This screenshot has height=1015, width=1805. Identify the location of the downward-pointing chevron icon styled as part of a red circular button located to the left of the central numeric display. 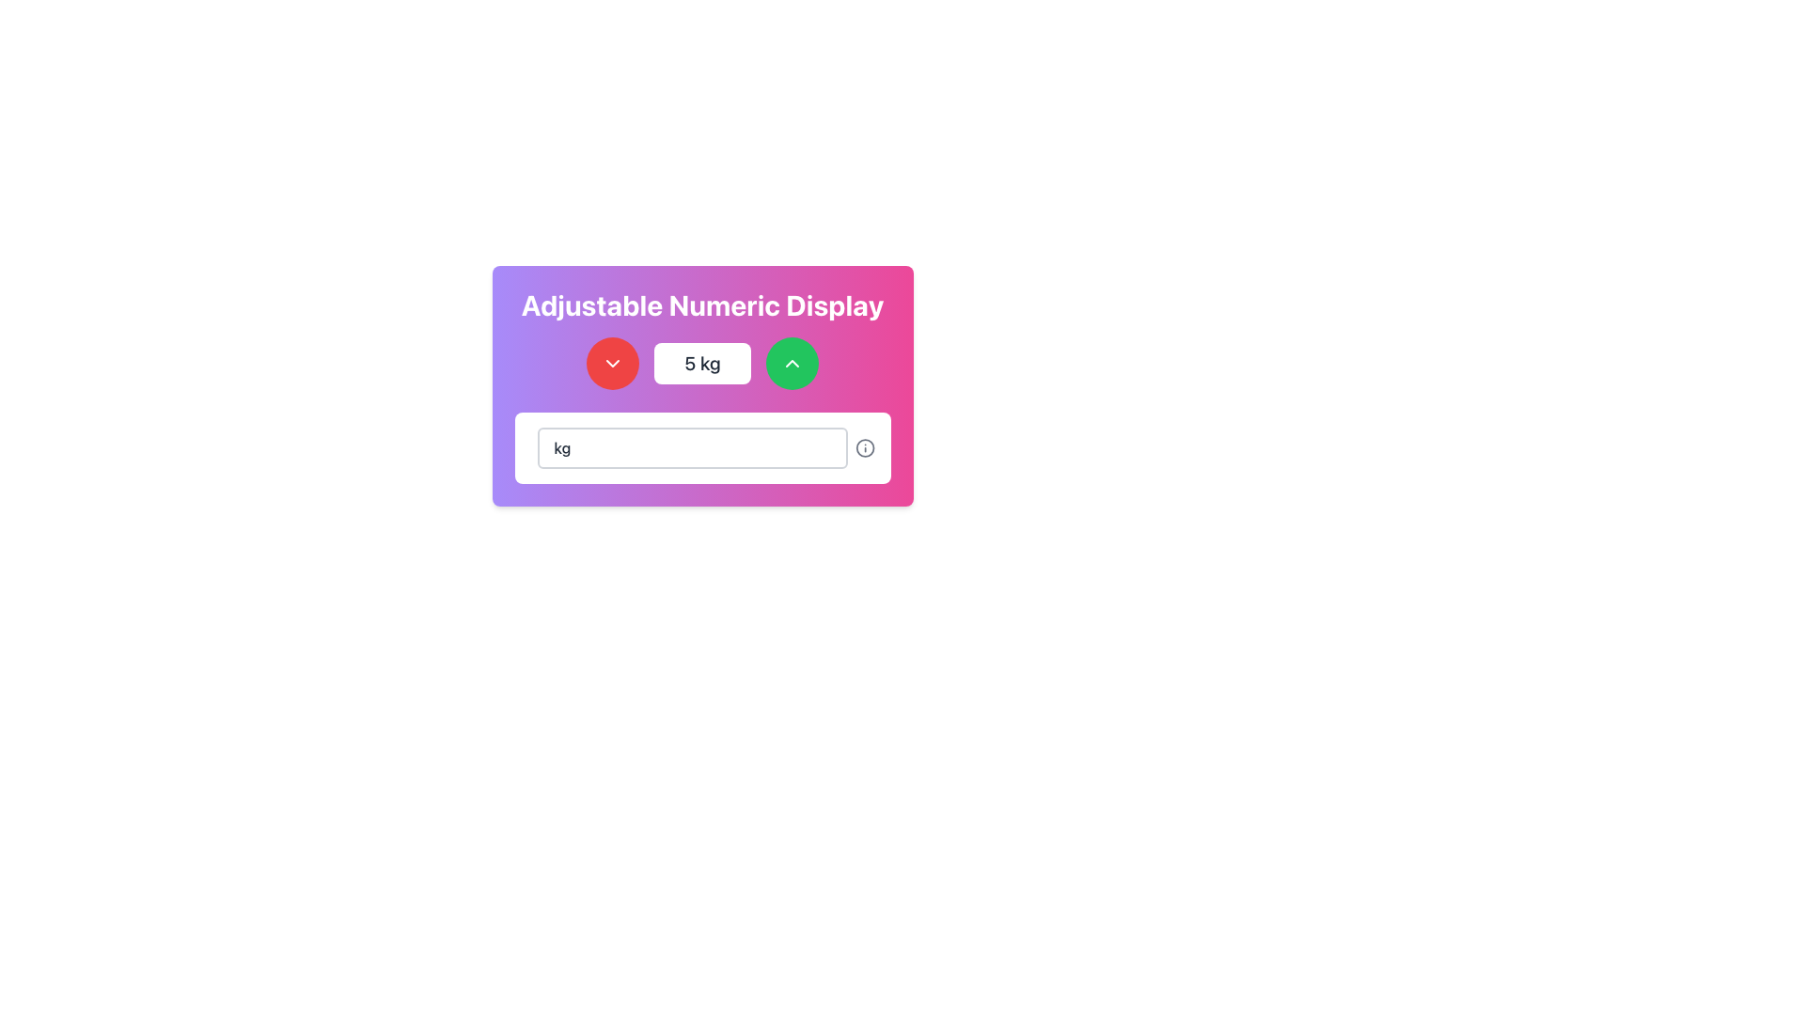
(613, 363).